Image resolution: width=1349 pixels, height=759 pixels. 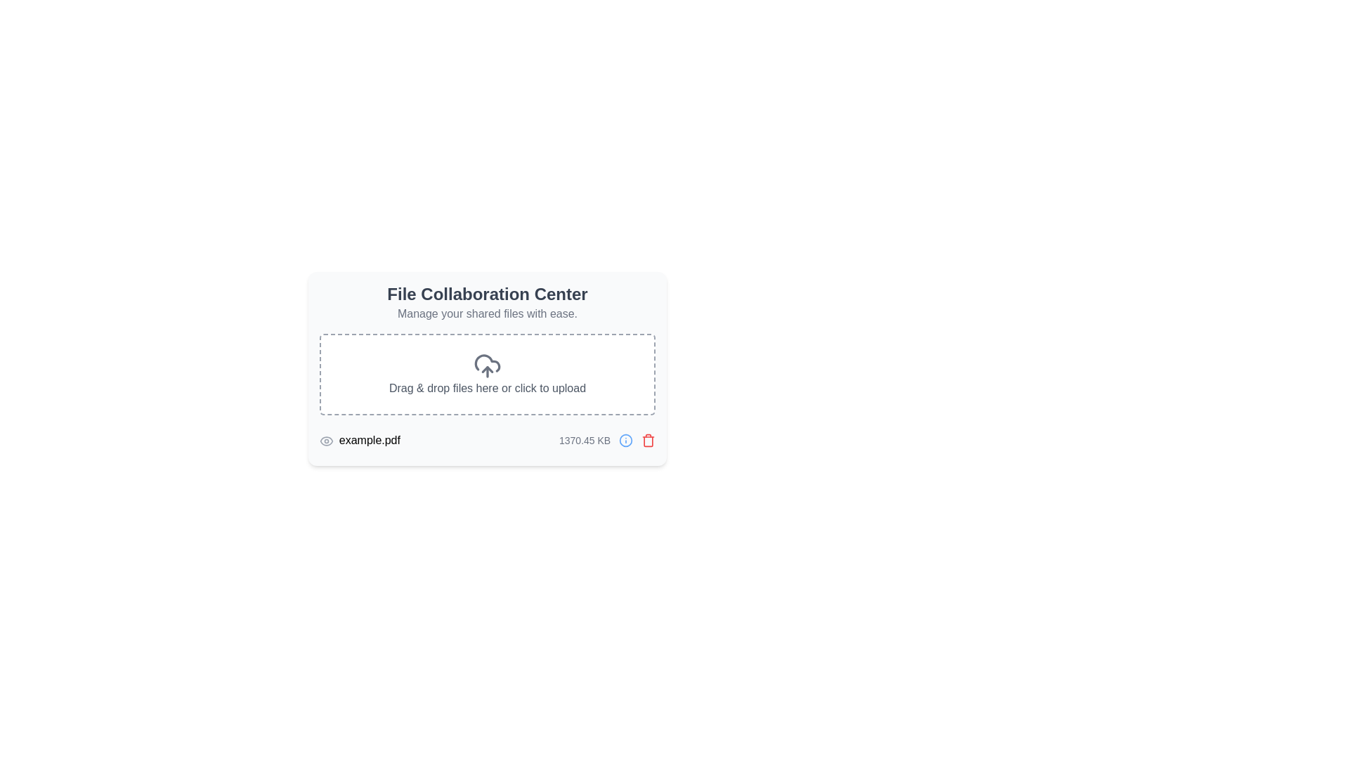 I want to click on the preview icon representing the file 'example.pdf', located to the left of the associated text in the list item, so click(x=325, y=440).